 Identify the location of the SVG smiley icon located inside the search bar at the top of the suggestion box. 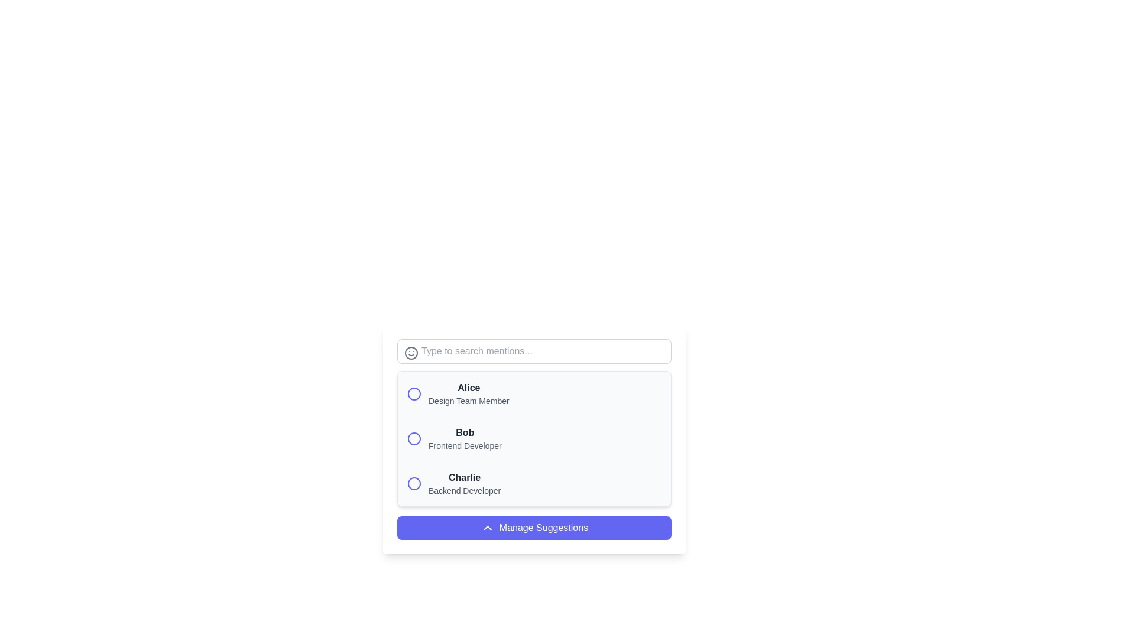
(411, 352).